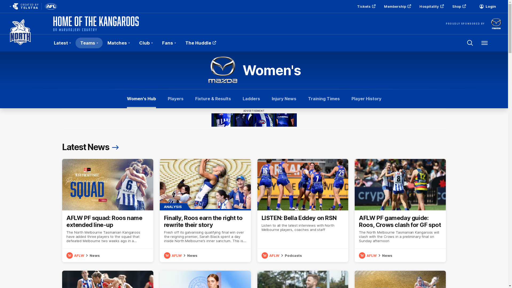 The height and width of the screenshot is (288, 512). Describe the element at coordinates (485, 43) in the screenshot. I see `'Menu'` at that location.